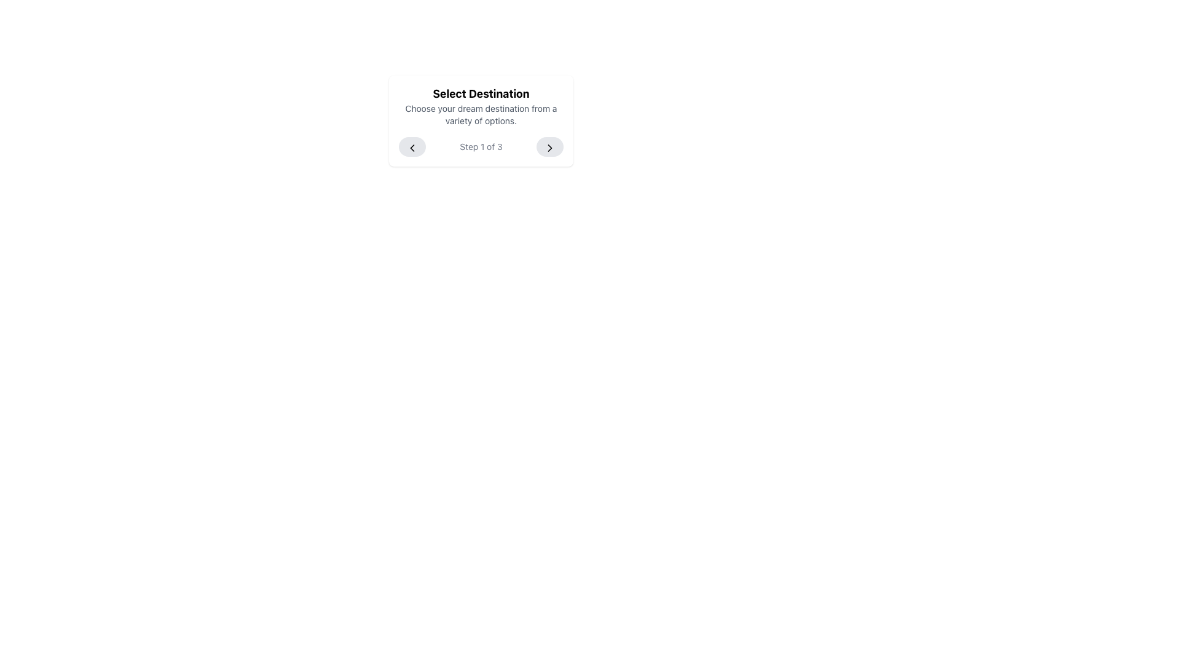  What do you see at coordinates (549, 146) in the screenshot?
I see `the rightward arrow icon button with a light gray background located to the right of the text 'Step 1 of 3' to proceed` at bounding box center [549, 146].